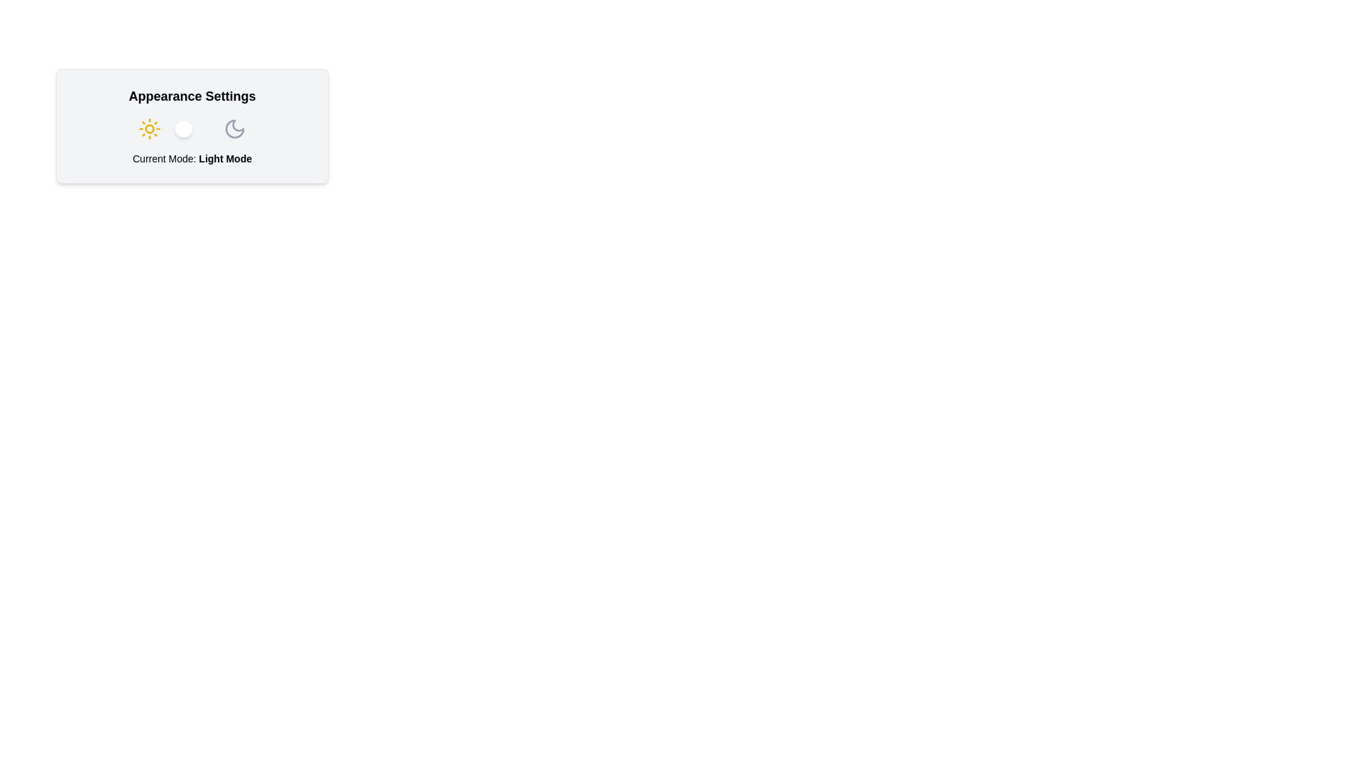 The width and height of the screenshot is (1363, 766). What do you see at coordinates (235, 128) in the screenshot?
I see `the gray crescent moon icon located at the rightmost position among display or mode settings to switch to dark mode` at bounding box center [235, 128].